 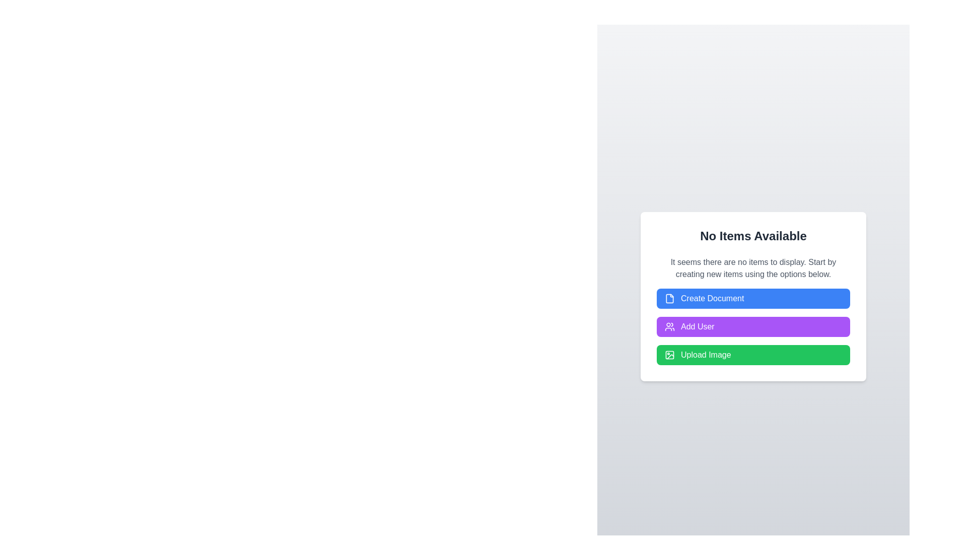 I want to click on the icon located within the 'Add User' button, which visually indicates user addition and is positioned to the left of the text label, so click(x=669, y=326).